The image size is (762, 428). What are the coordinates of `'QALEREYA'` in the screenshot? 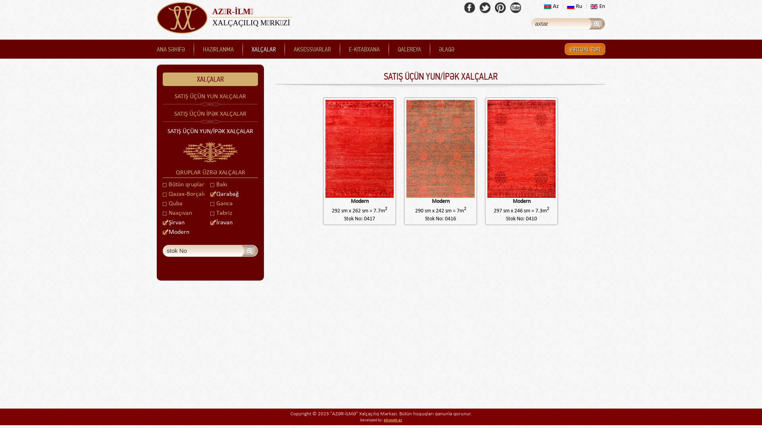 It's located at (409, 49).